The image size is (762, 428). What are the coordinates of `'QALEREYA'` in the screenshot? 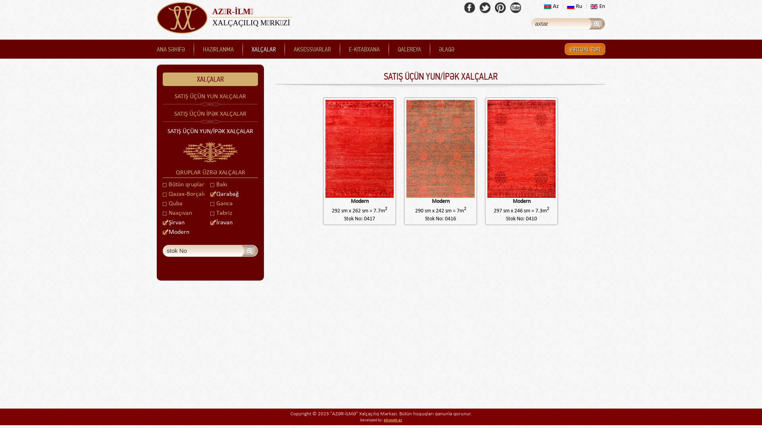 It's located at (409, 49).